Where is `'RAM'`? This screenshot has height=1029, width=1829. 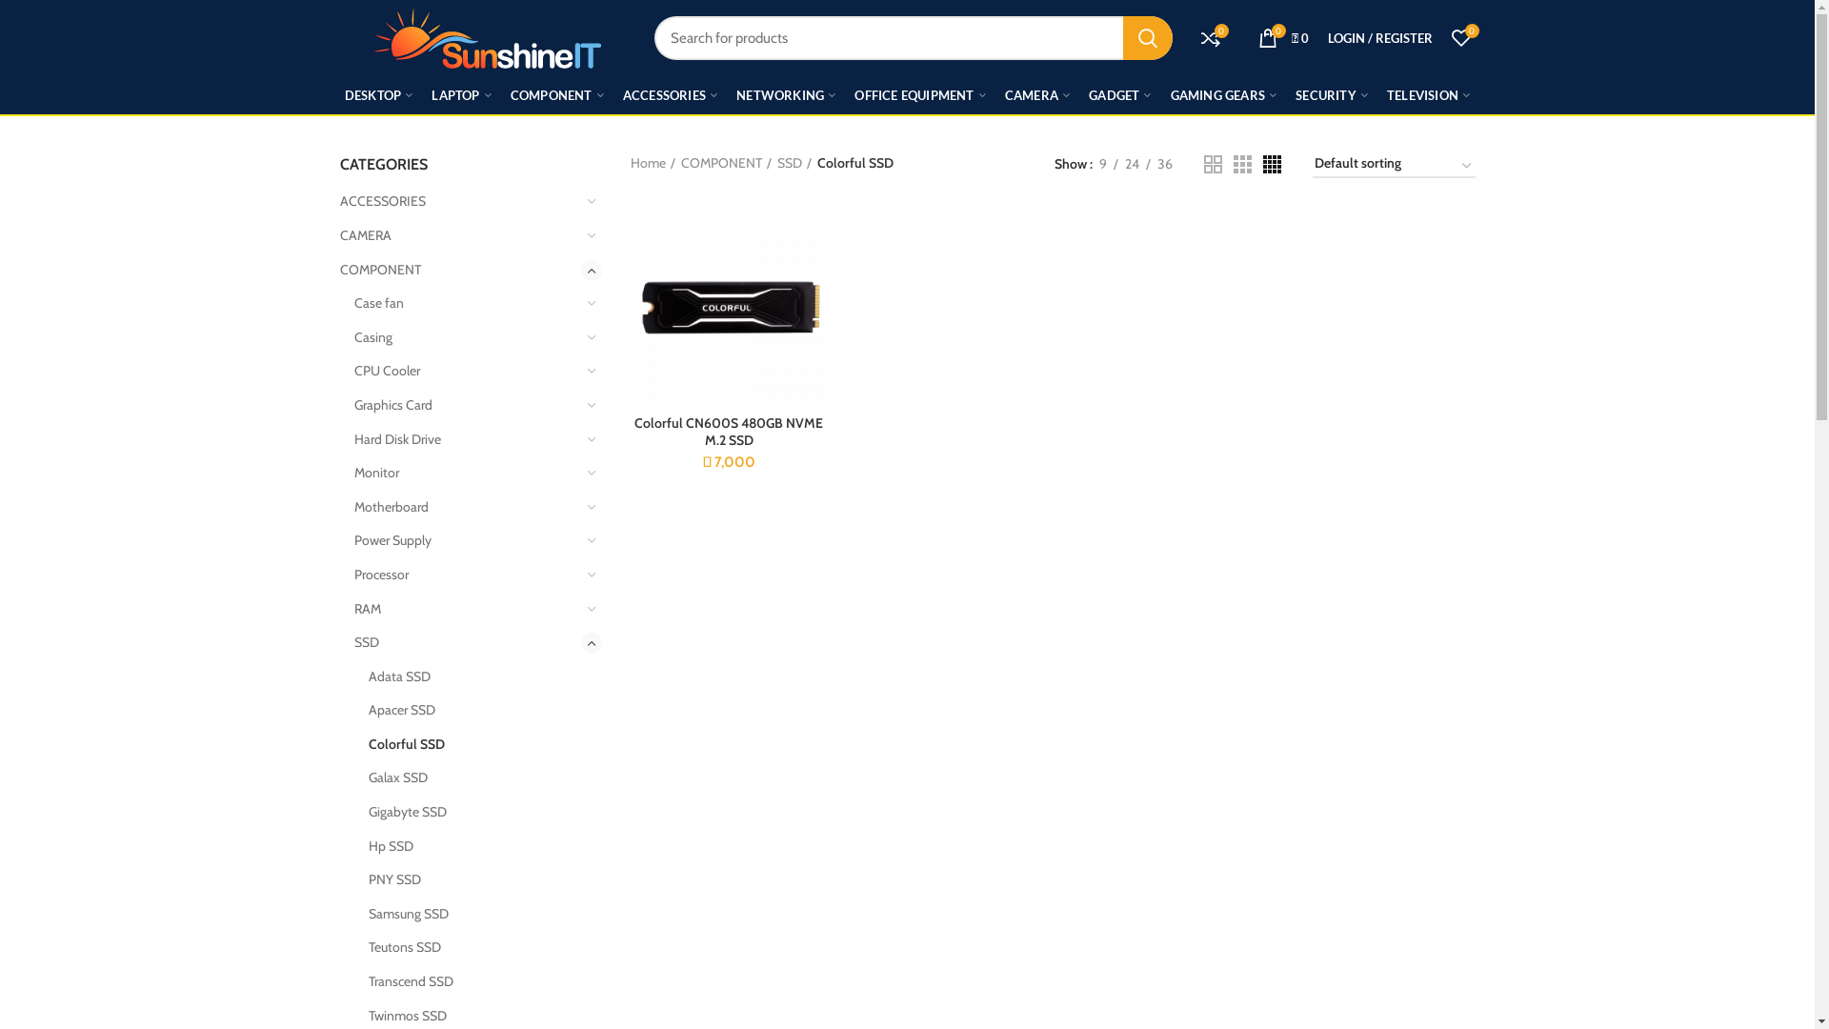
'RAM' is located at coordinates (466, 610).